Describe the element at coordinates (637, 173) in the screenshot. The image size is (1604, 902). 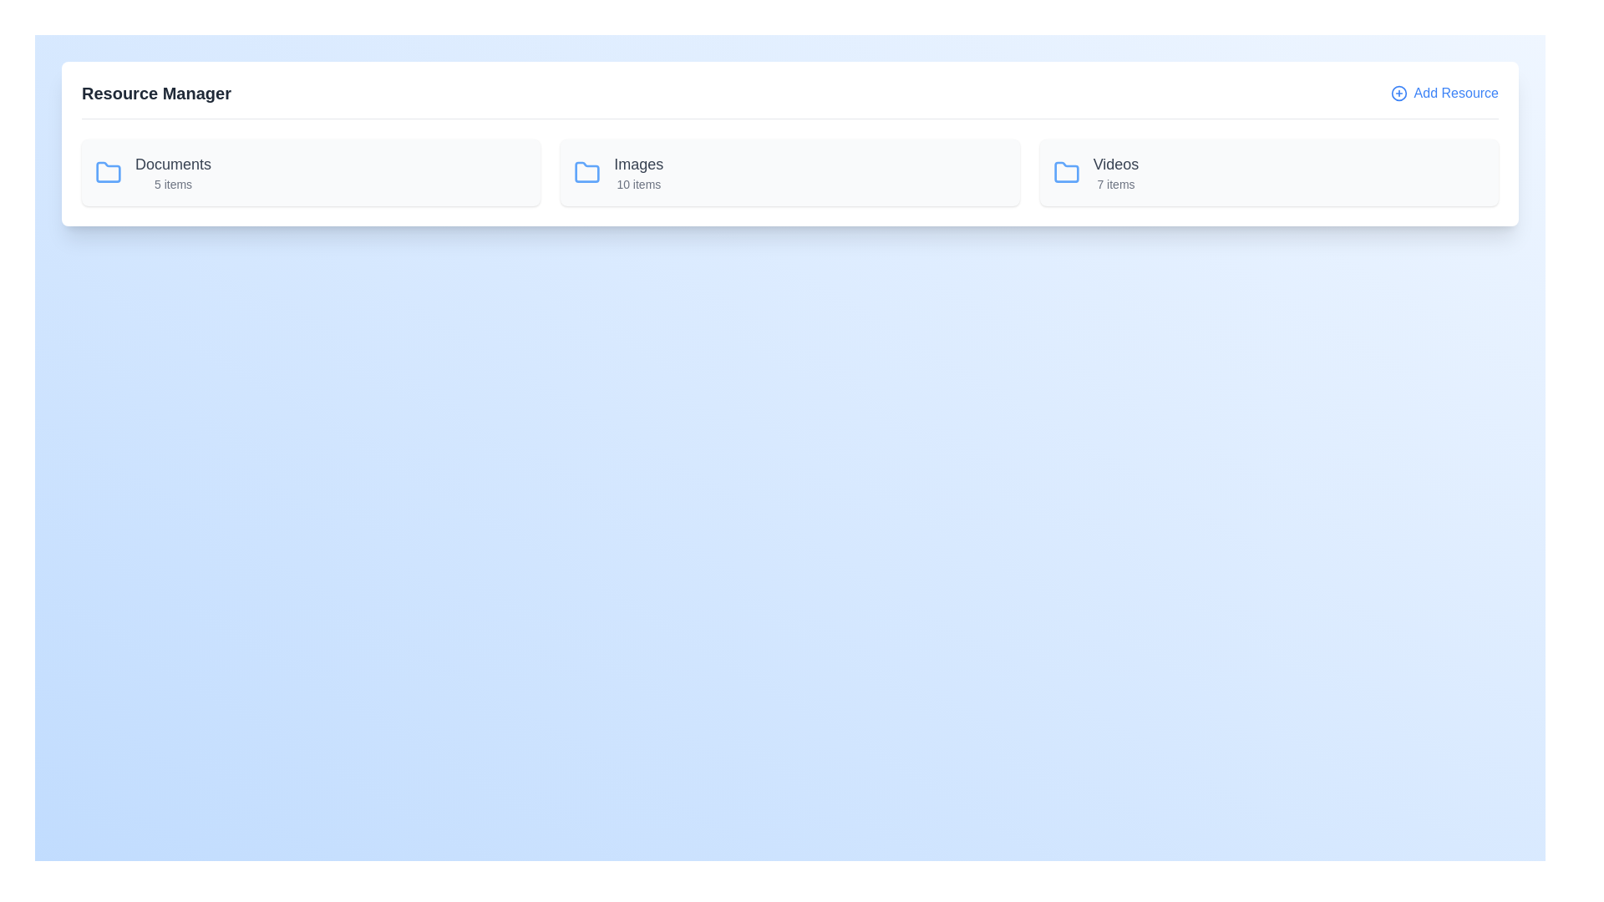
I see `text content of the 'Images' folder summary located in the second folder section of the main layout panel` at that location.